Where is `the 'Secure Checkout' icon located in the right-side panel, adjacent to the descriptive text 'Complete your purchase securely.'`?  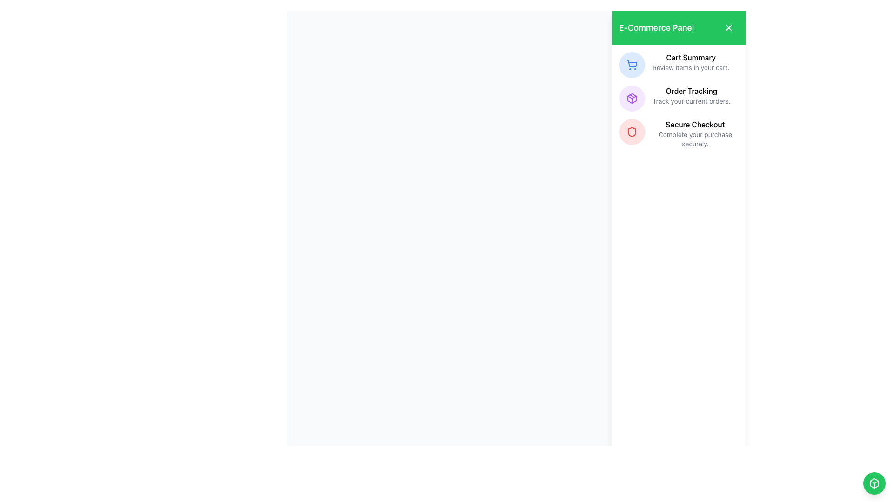
the 'Secure Checkout' icon located in the right-side panel, adjacent to the descriptive text 'Complete your purchase securely.' is located at coordinates (632, 132).